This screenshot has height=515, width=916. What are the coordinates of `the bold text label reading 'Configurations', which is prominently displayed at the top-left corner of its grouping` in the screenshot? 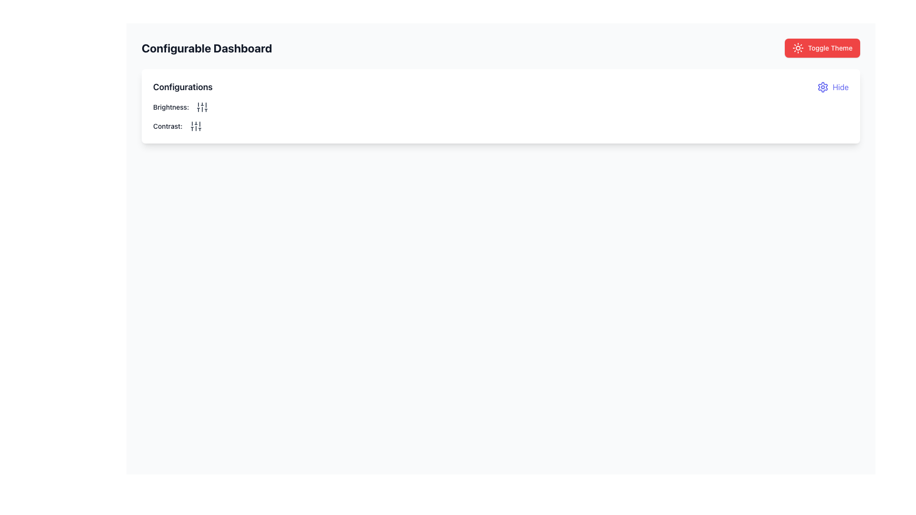 It's located at (183, 87).